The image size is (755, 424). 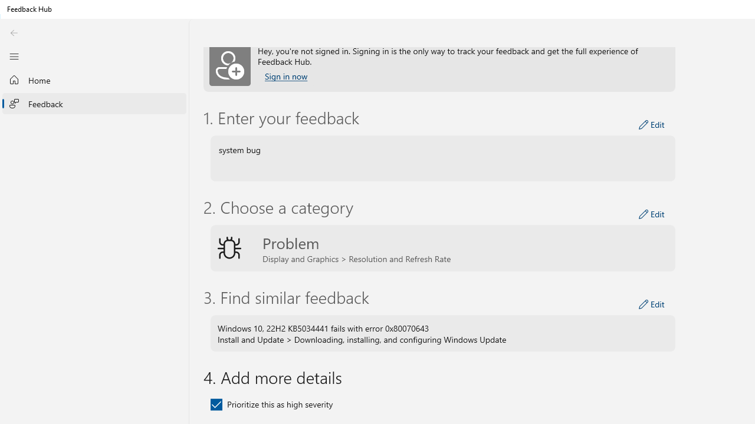 I want to click on 'Feedback', so click(x=94, y=102).